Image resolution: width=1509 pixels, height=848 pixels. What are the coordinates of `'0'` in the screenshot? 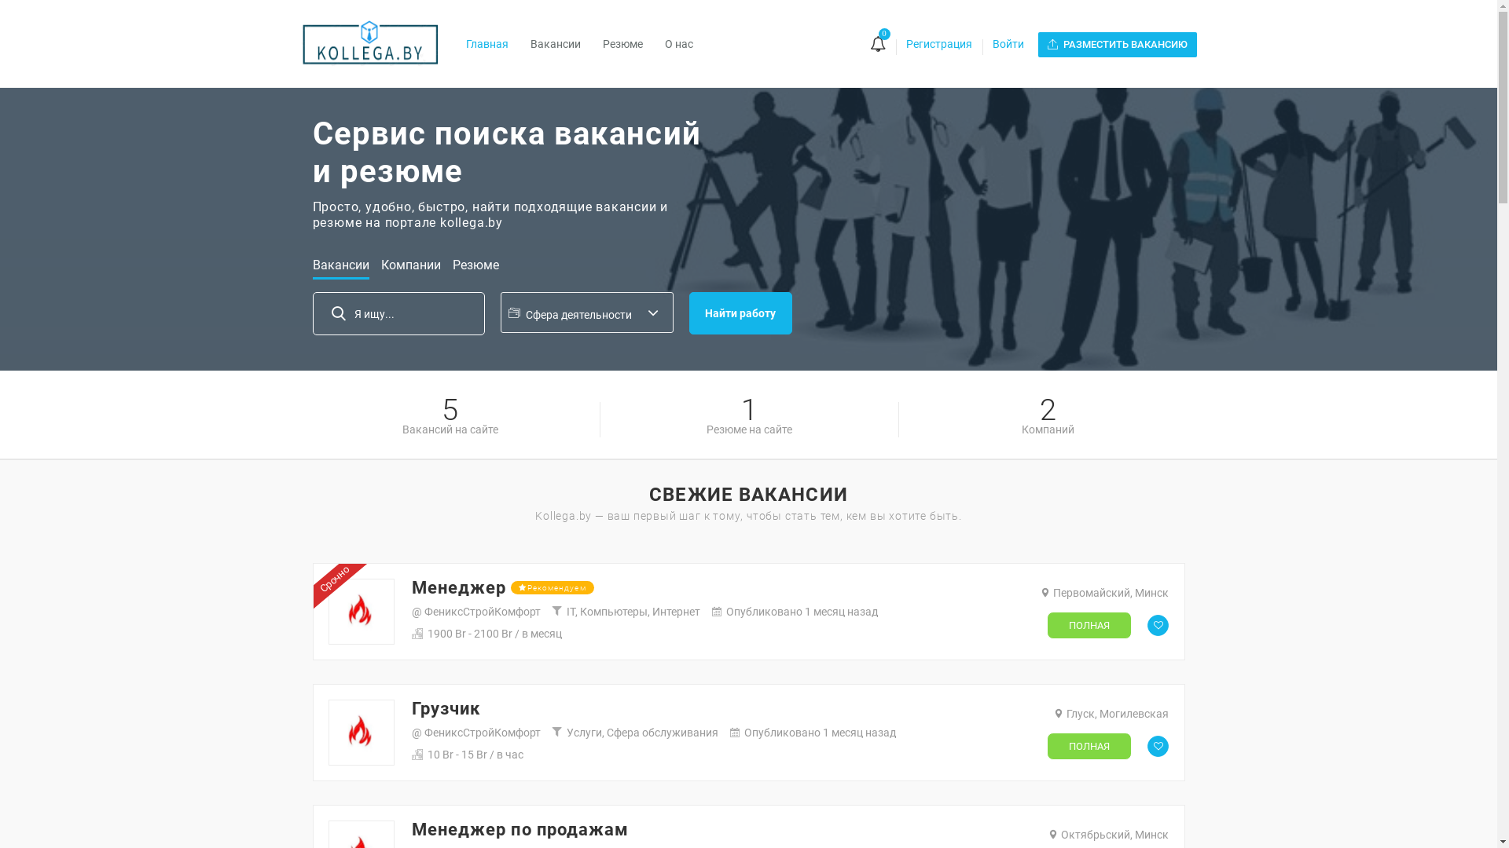 It's located at (868, 44).